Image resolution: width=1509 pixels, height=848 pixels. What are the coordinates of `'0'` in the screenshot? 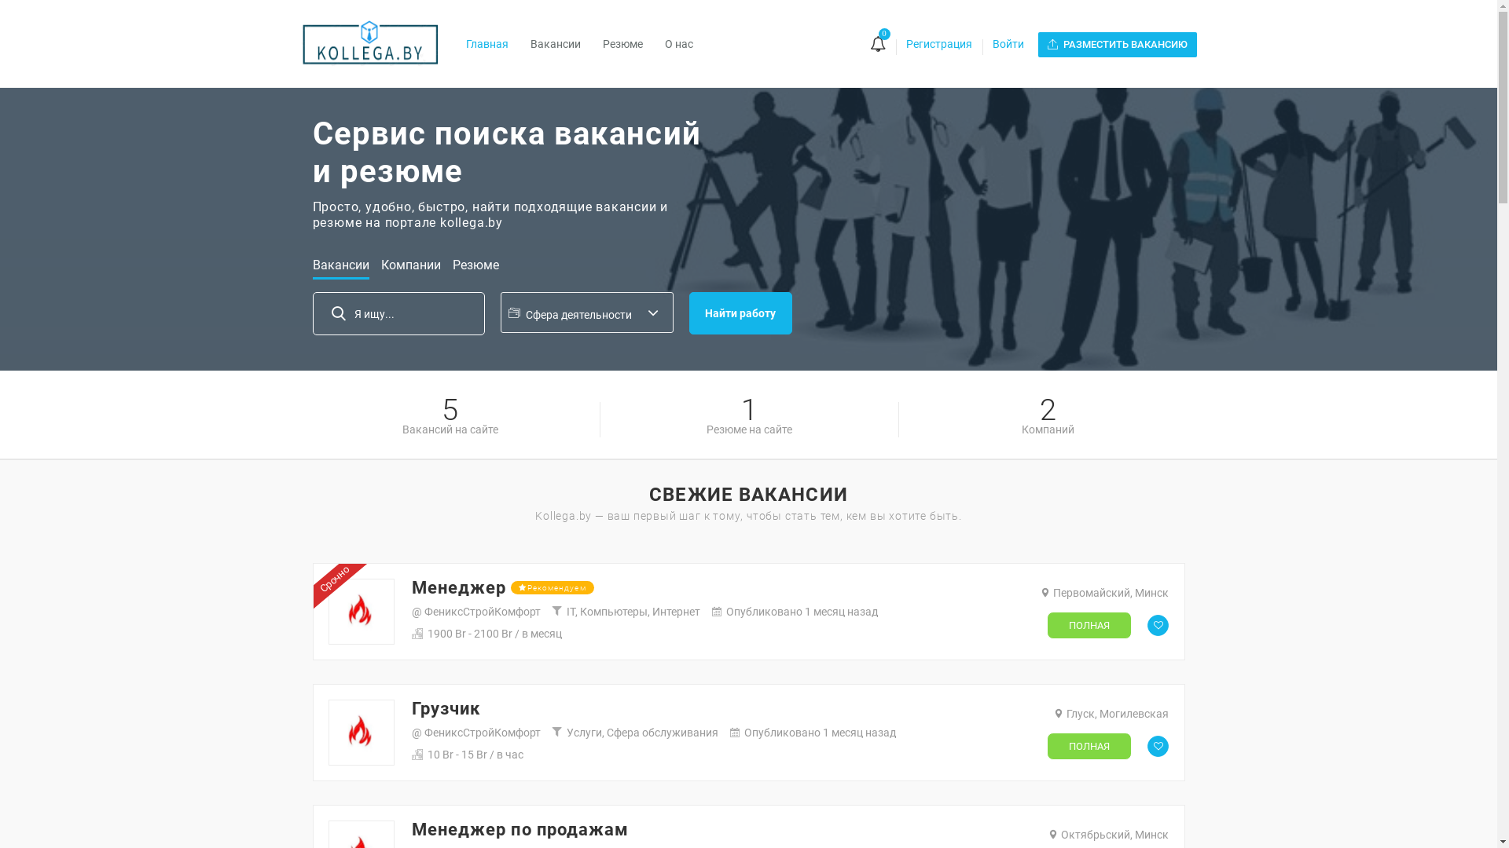 It's located at (868, 44).